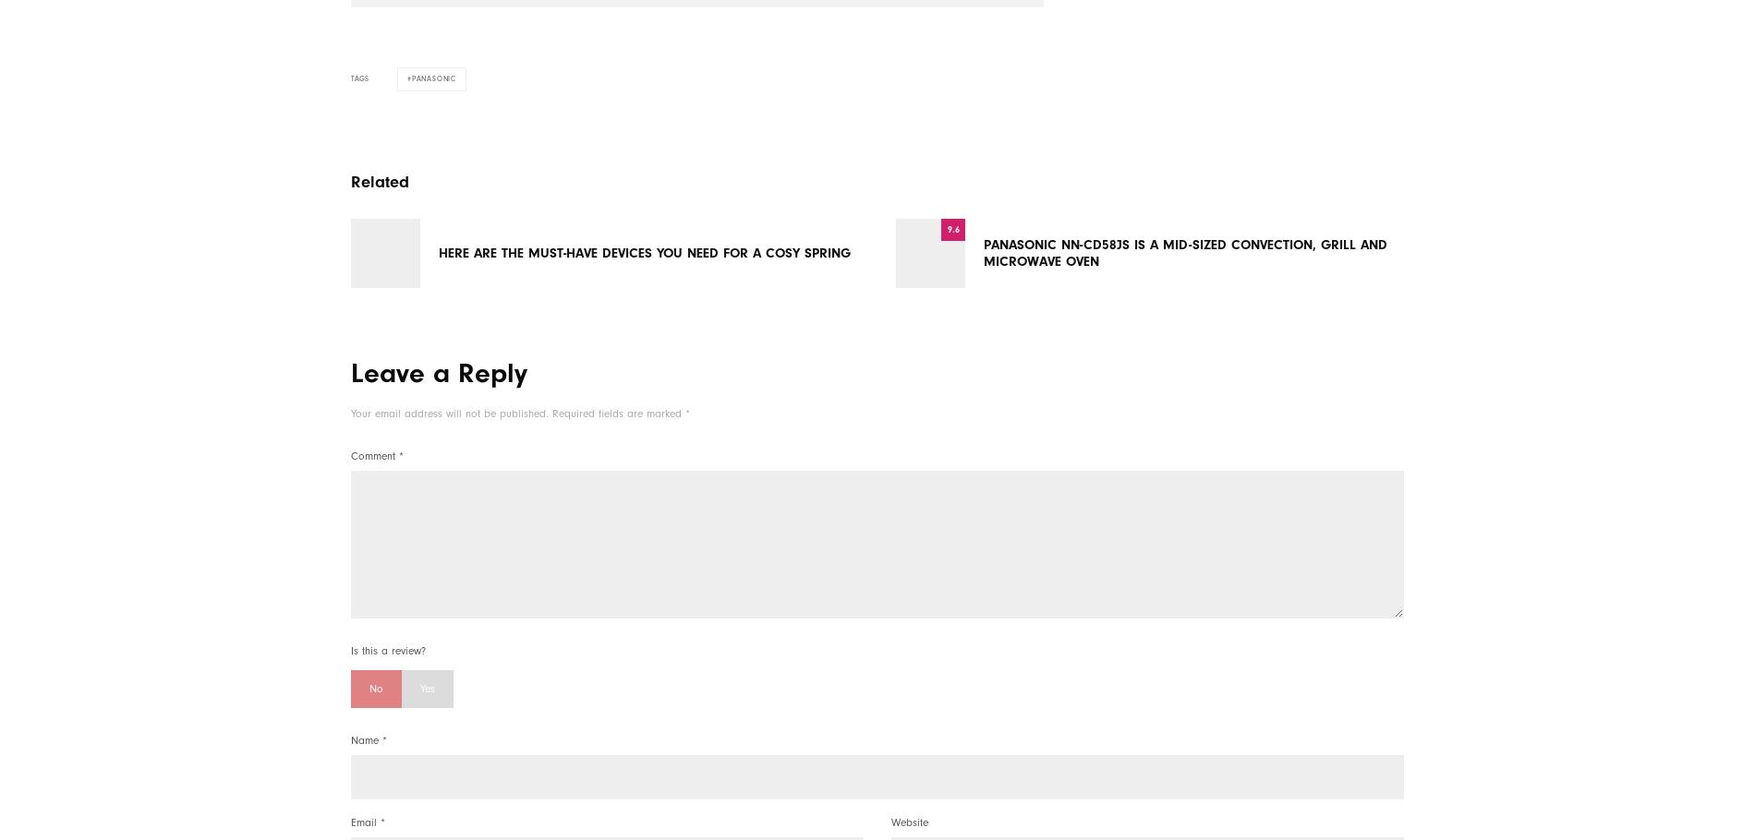 The width and height of the screenshot is (1755, 840). I want to click on 'Your email address will not be published.', so click(350, 413).